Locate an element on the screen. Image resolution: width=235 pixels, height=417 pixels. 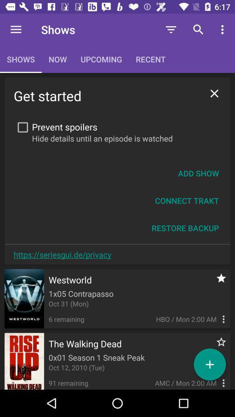
the item to the right of https seriesgui de is located at coordinates (185, 228).